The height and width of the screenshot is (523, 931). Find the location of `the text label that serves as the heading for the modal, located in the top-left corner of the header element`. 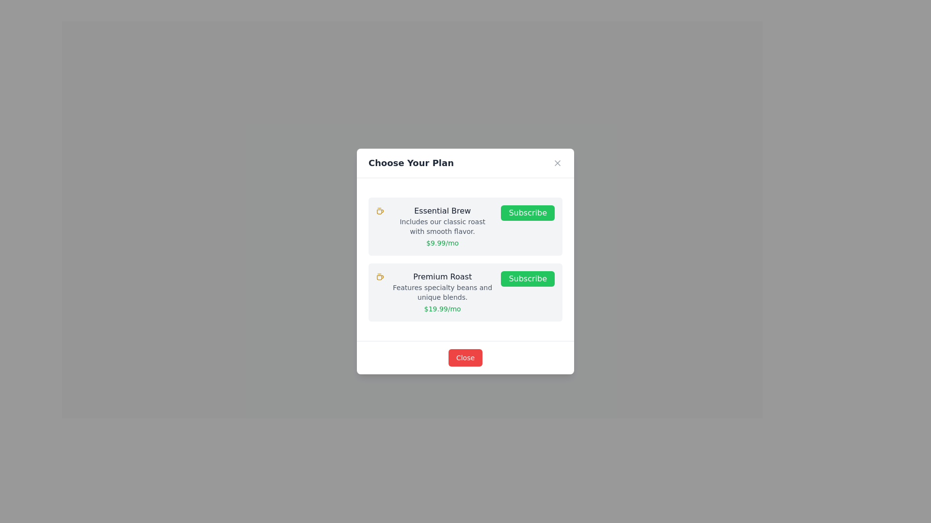

the text label that serves as the heading for the modal, located in the top-left corner of the header element is located at coordinates (411, 162).